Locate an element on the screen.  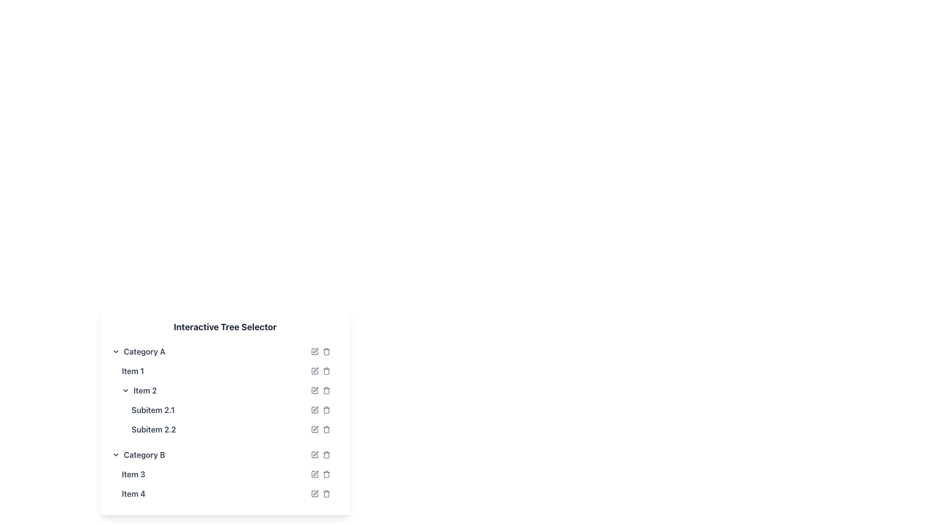
the left icon of the action control panel for 'Category A' to initiate editing is located at coordinates (320, 351).